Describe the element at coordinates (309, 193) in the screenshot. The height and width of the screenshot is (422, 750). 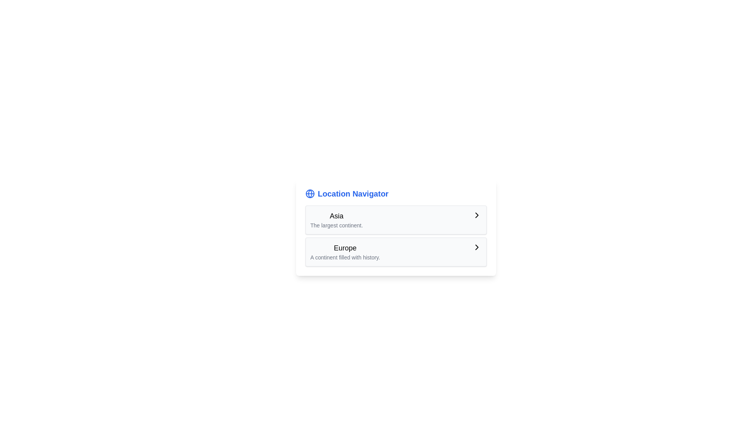
I see `the decorative icon associated with the 'Location Navigator' text in the header section at the top of the interface` at that location.